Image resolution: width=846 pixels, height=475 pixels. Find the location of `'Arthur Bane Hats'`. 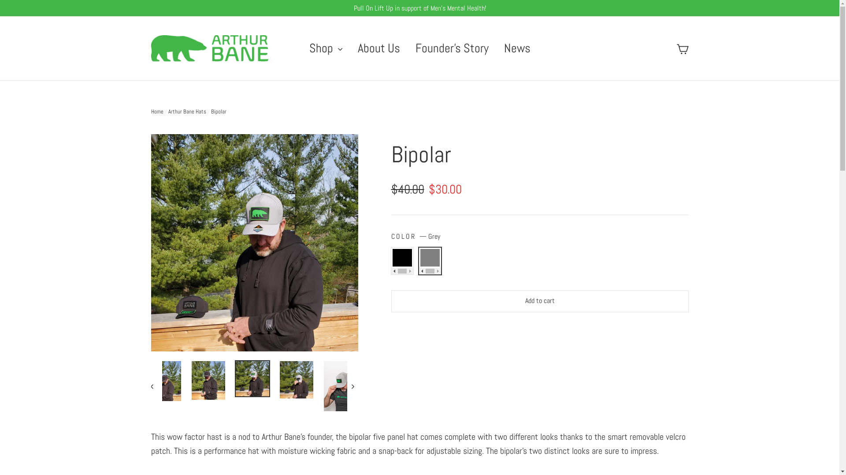

'Arthur Bane Hats' is located at coordinates (187, 111).